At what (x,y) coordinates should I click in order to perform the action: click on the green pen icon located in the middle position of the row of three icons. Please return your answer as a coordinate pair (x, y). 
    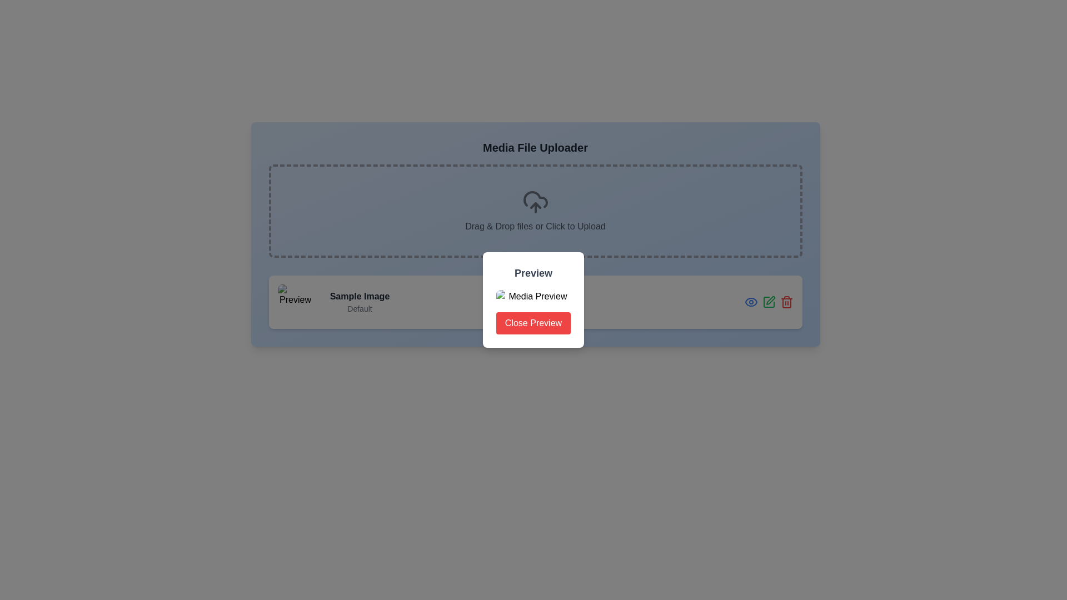
    Looking at the image, I should click on (768, 302).